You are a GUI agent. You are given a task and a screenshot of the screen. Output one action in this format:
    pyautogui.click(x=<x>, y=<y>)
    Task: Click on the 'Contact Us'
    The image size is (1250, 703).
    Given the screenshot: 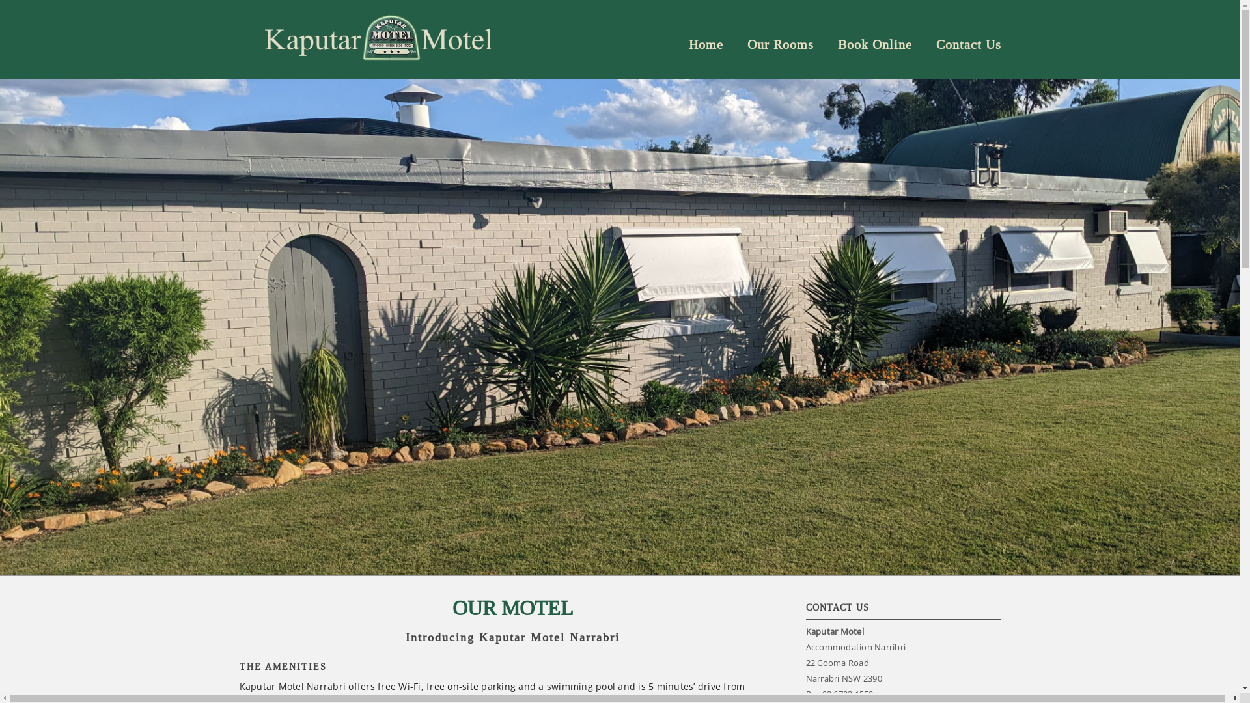 What is the action you would take?
    pyautogui.click(x=969, y=44)
    